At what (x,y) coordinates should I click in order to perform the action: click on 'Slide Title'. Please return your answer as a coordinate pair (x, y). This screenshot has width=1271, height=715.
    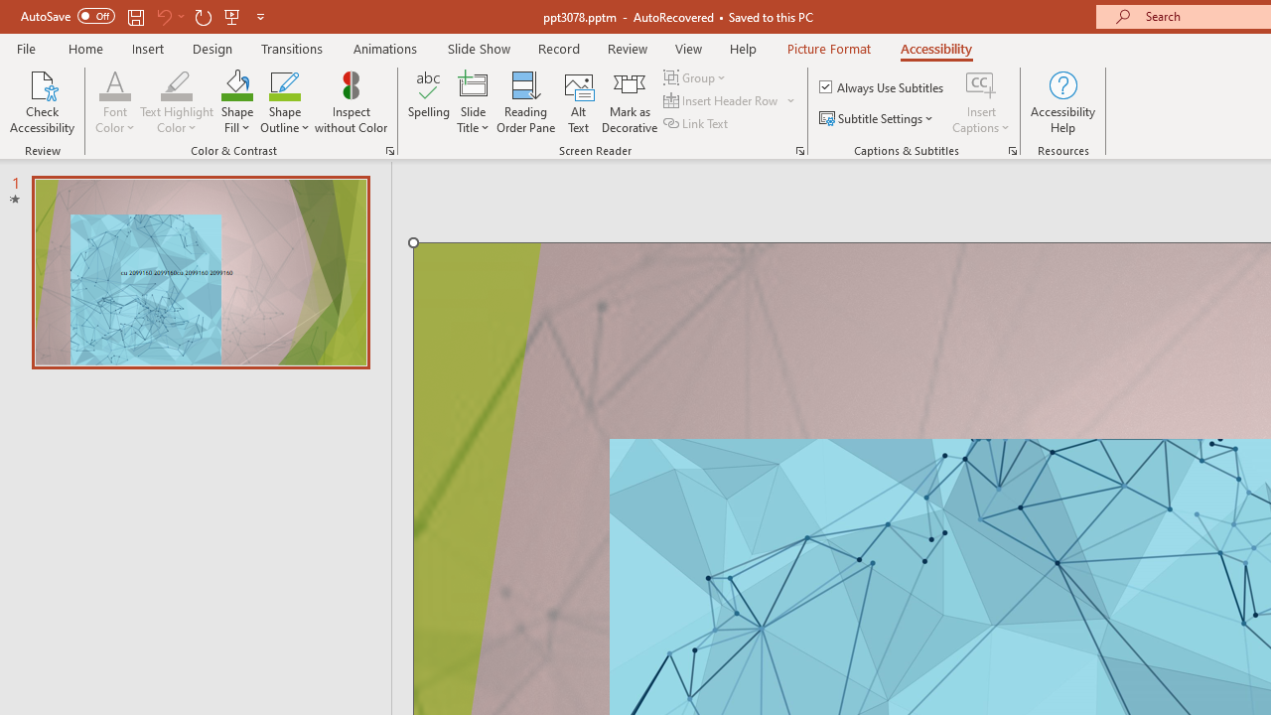
    Looking at the image, I should click on (472, 83).